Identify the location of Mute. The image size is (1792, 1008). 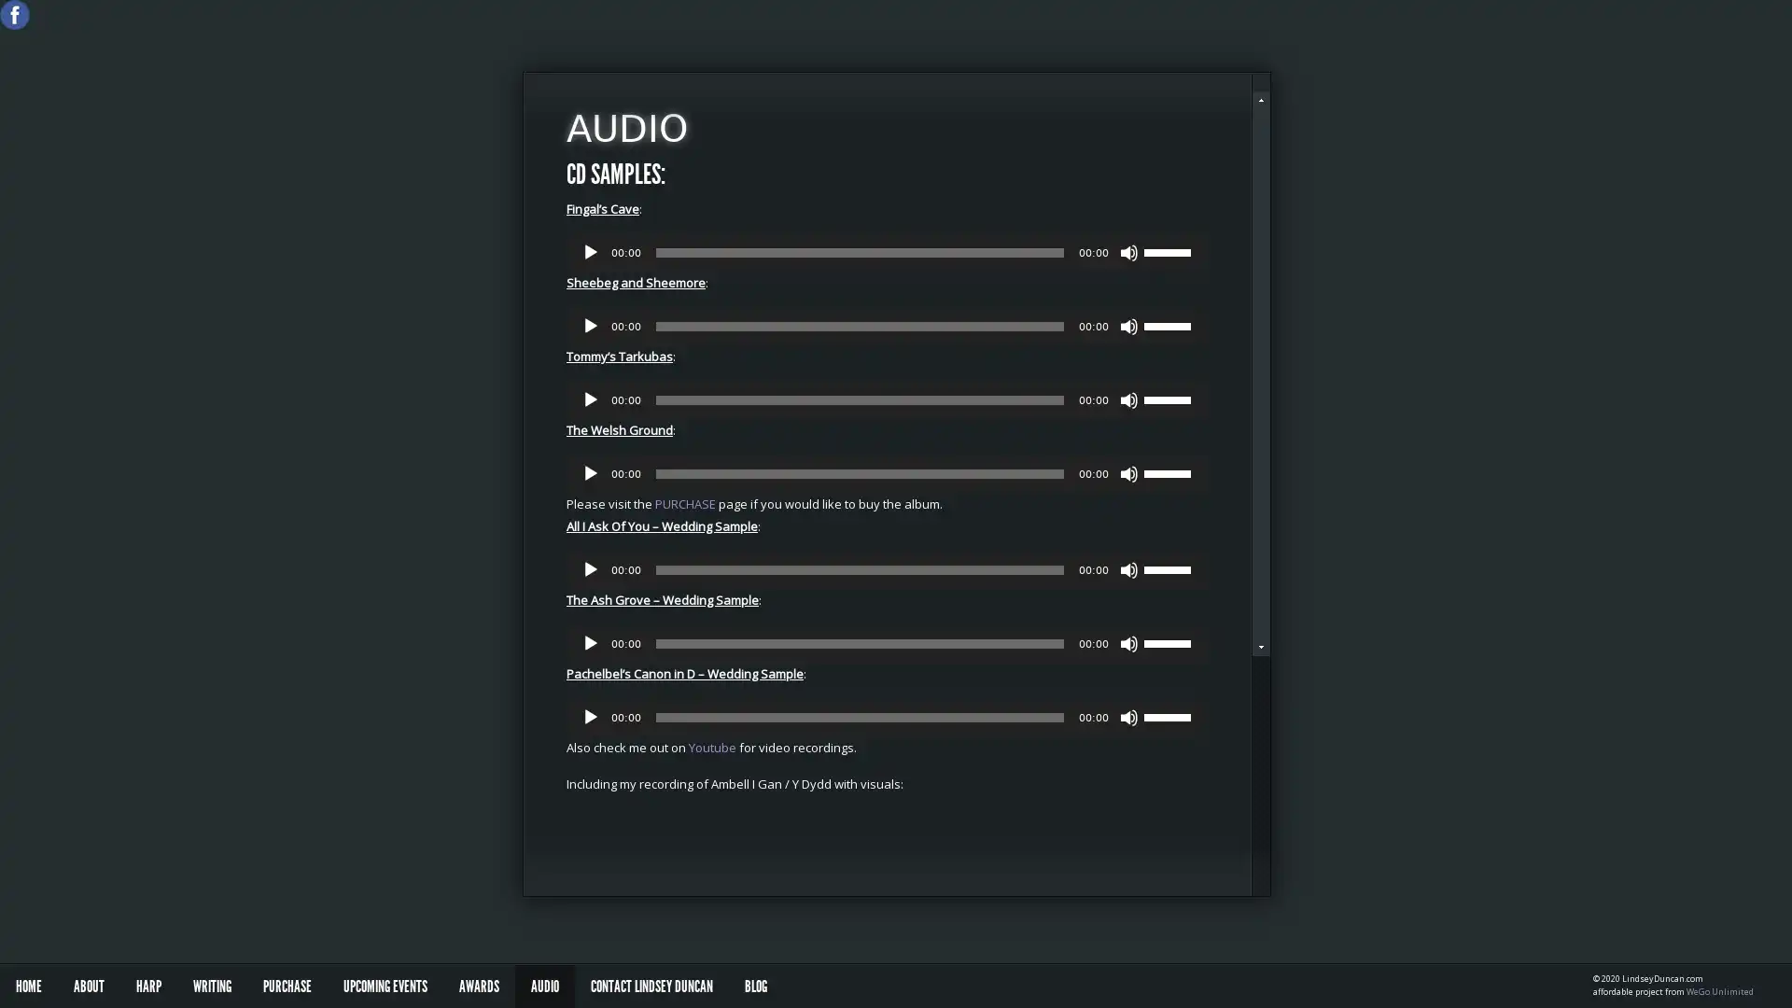
(1127, 326).